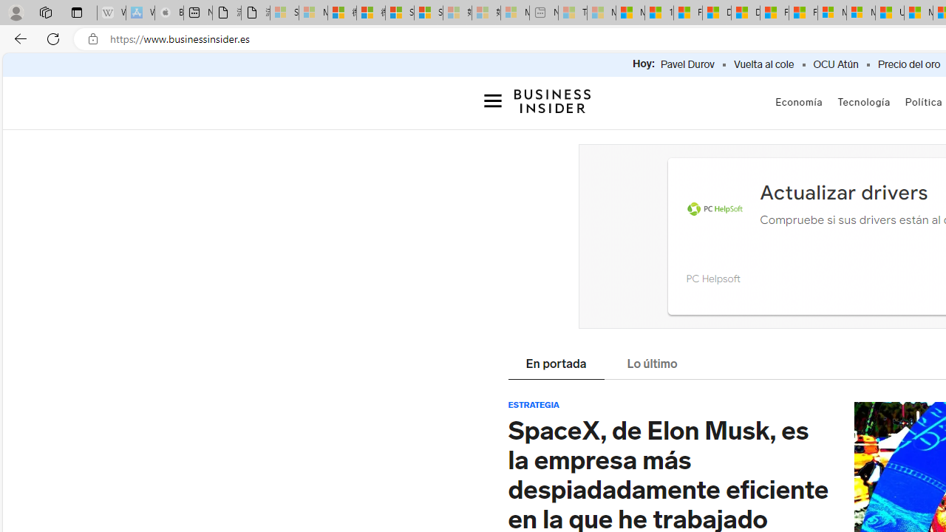 The width and height of the screenshot is (946, 532). What do you see at coordinates (712, 278) in the screenshot?
I see `'PC Helpsoft'` at bounding box center [712, 278].